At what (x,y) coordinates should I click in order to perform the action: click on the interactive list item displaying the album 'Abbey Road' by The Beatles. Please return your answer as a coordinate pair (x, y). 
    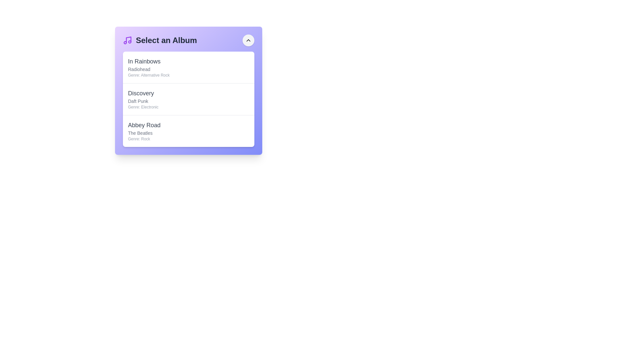
    Looking at the image, I should click on (188, 131).